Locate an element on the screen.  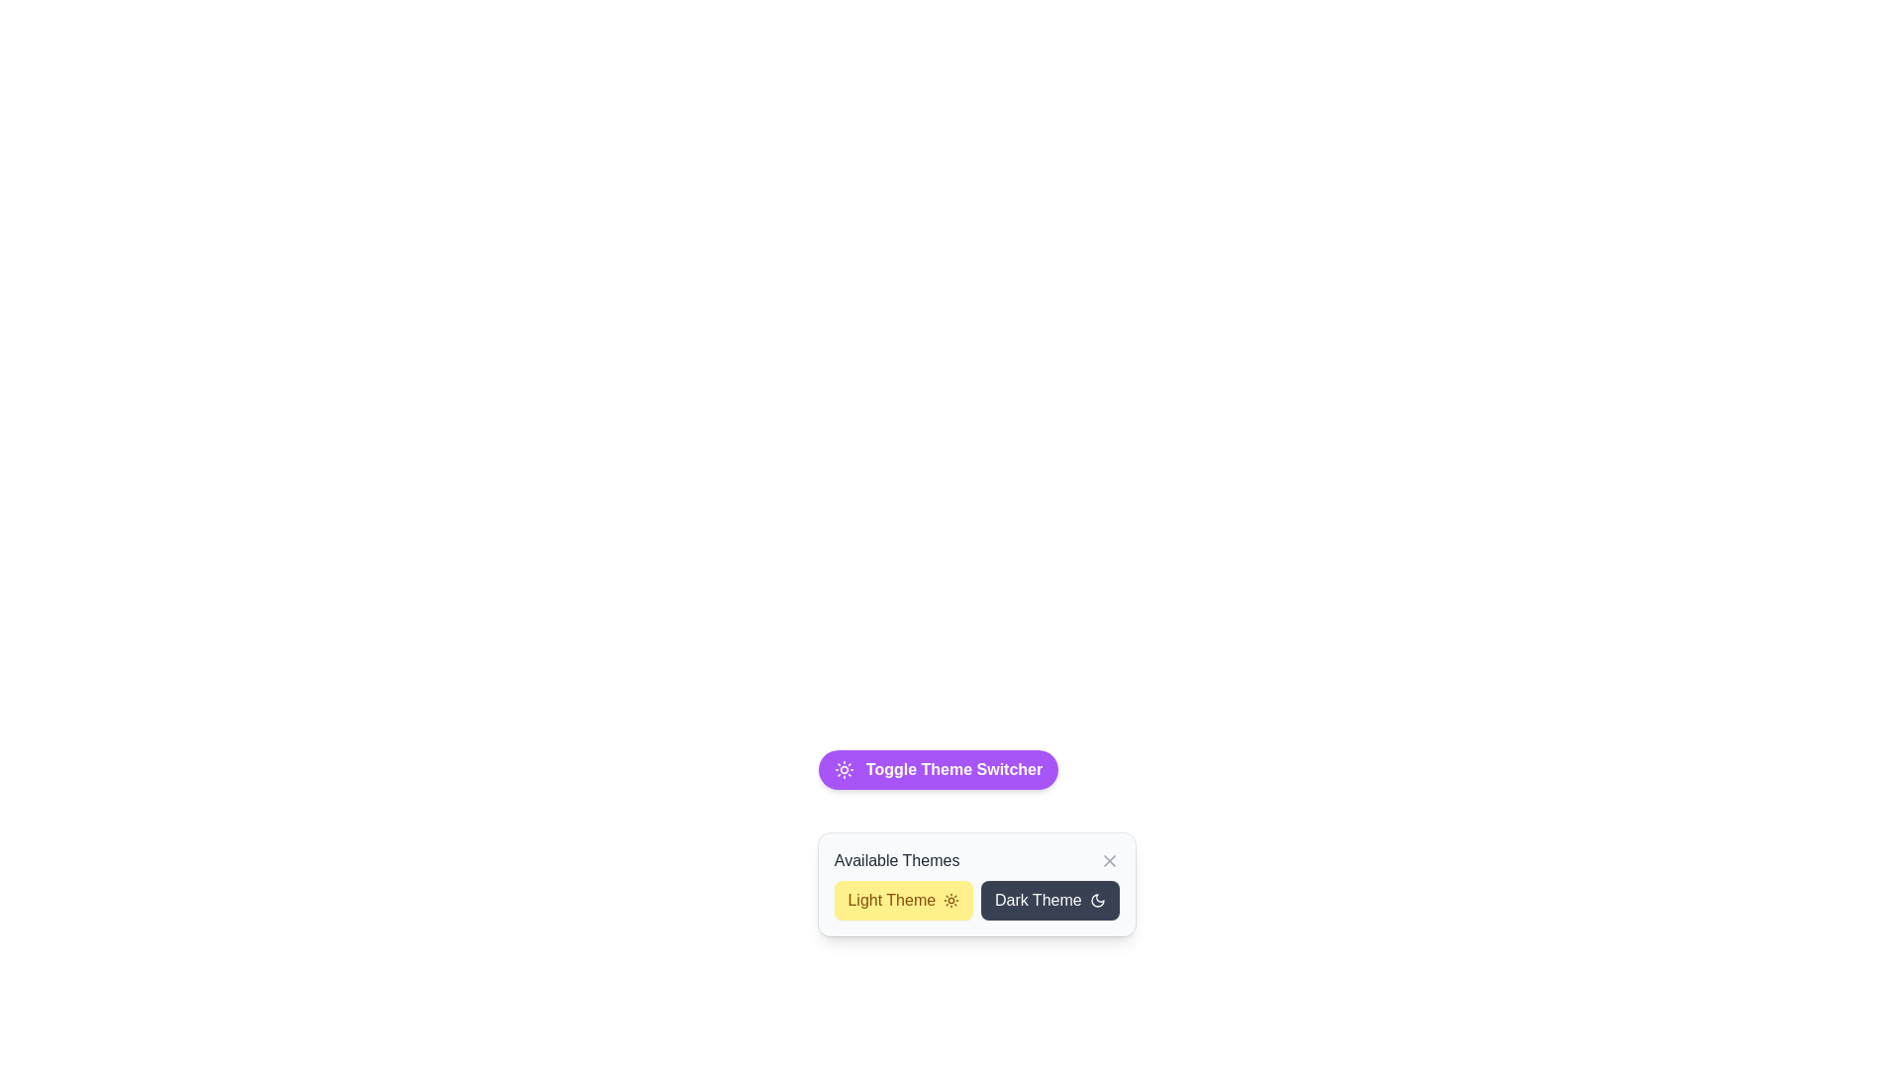
the 'Dark Theme' section of the selectable grid for theme options is located at coordinates (976, 901).